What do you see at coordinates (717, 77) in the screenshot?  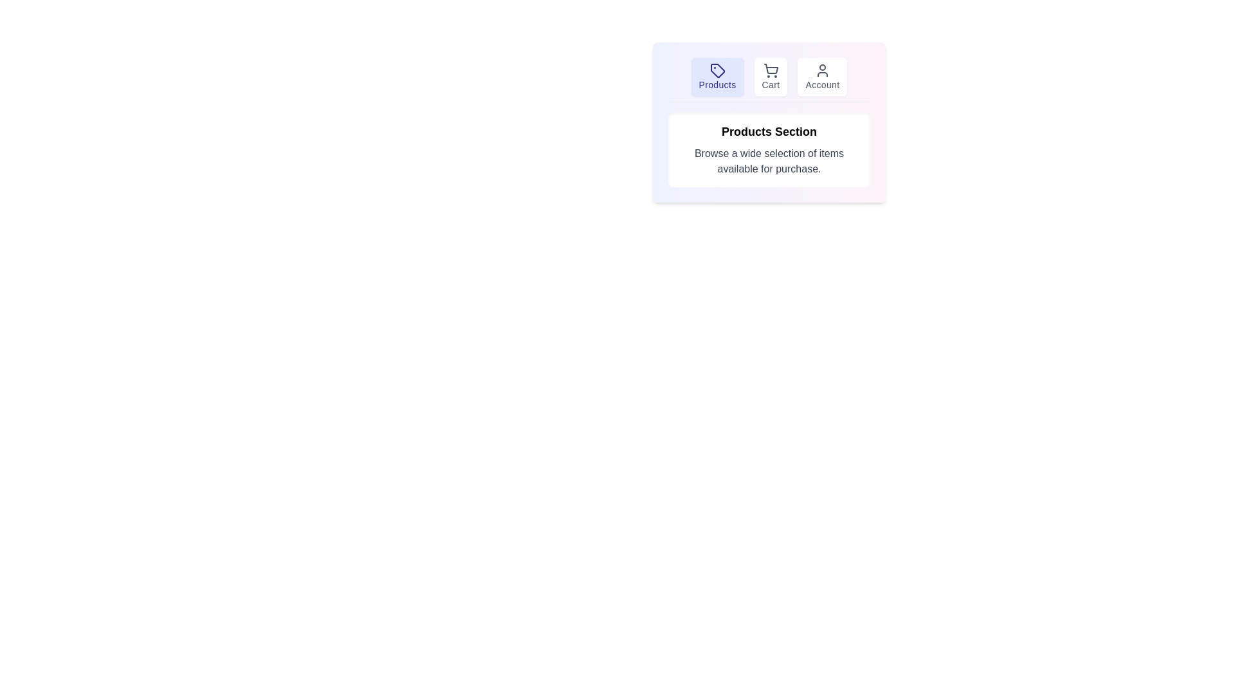 I see `the Products tab to navigate to its content` at bounding box center [717, 77].